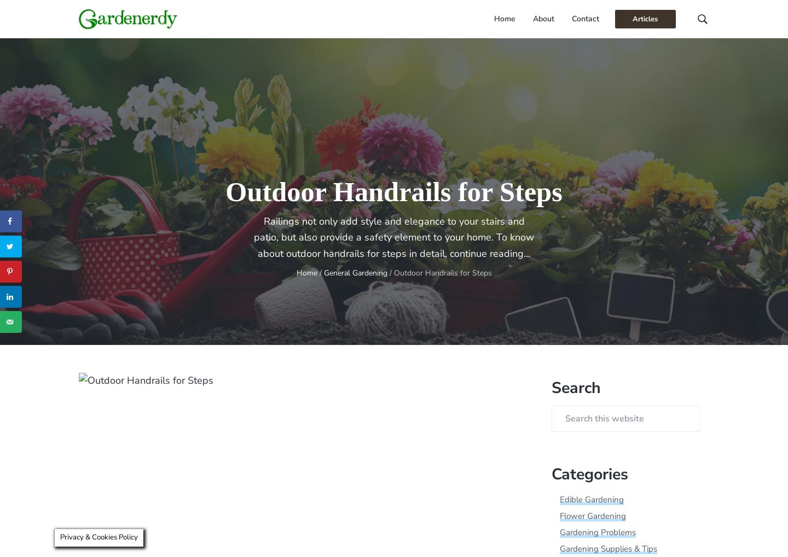 The width and height of the screenshot is (788, 557). I want to click on '/ Outdoor Handrails for Steps', so click(387, 272).